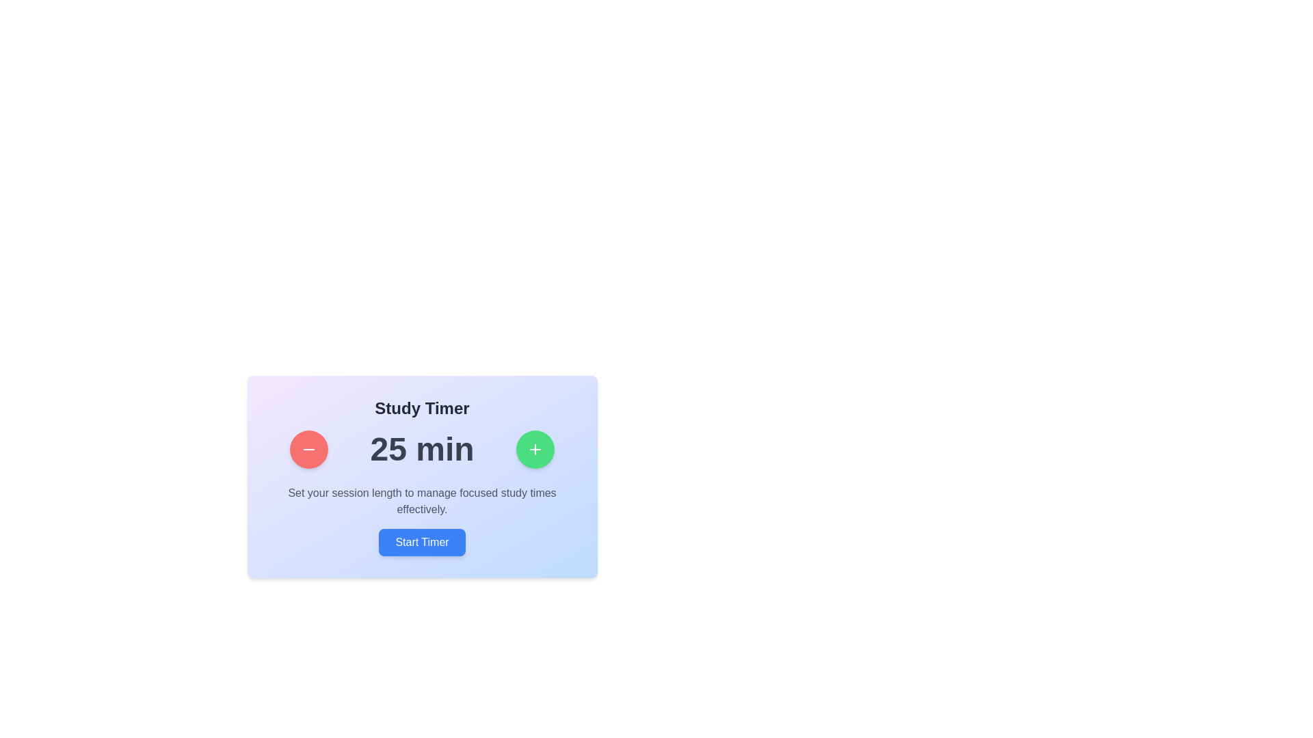  Describe the element at coordinates (421, 450) in the screenshot. I see `the text label displaying '25 min' that is centrally positioned between the red minus button and the green plus button` at that location.